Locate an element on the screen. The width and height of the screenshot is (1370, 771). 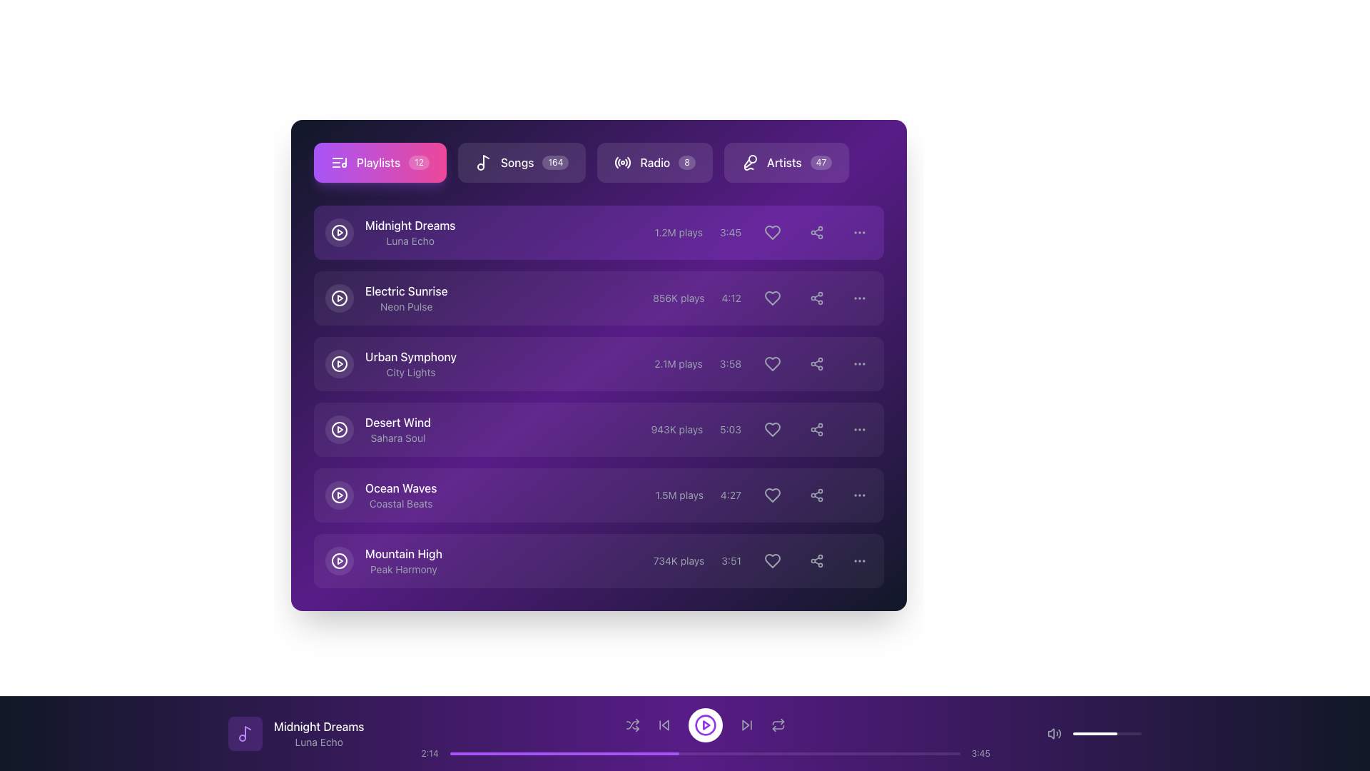
the playback button located to the left of the media entry labeled 'Desert Wind, Sahara Soul' is located at coordinates (338, 428).